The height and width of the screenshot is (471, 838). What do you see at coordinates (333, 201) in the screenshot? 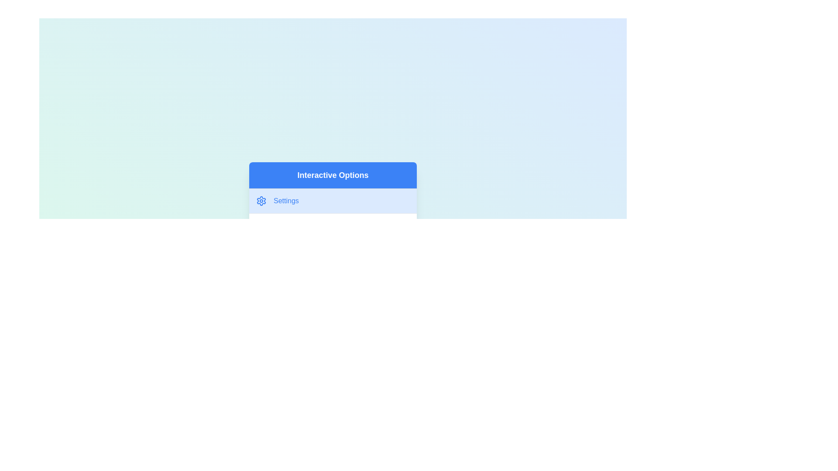
I see `the menu option Settings from the menu` at bounding box center [333, 201].